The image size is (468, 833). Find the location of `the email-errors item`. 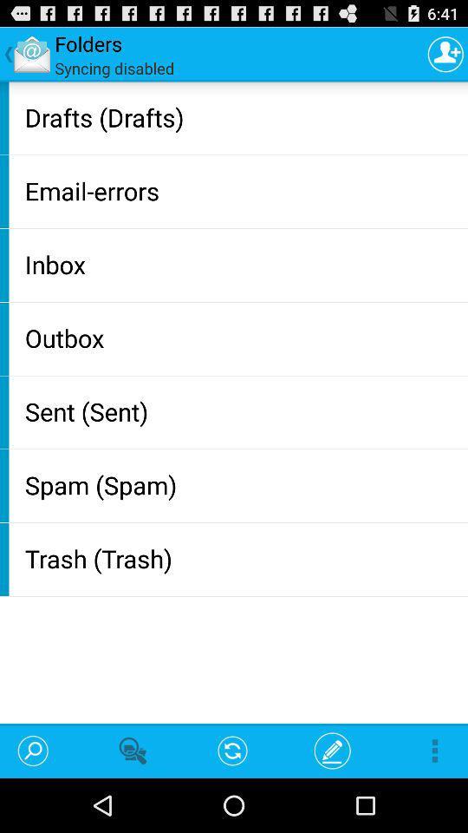

the email-errors item is located at coordinates (242, 190).